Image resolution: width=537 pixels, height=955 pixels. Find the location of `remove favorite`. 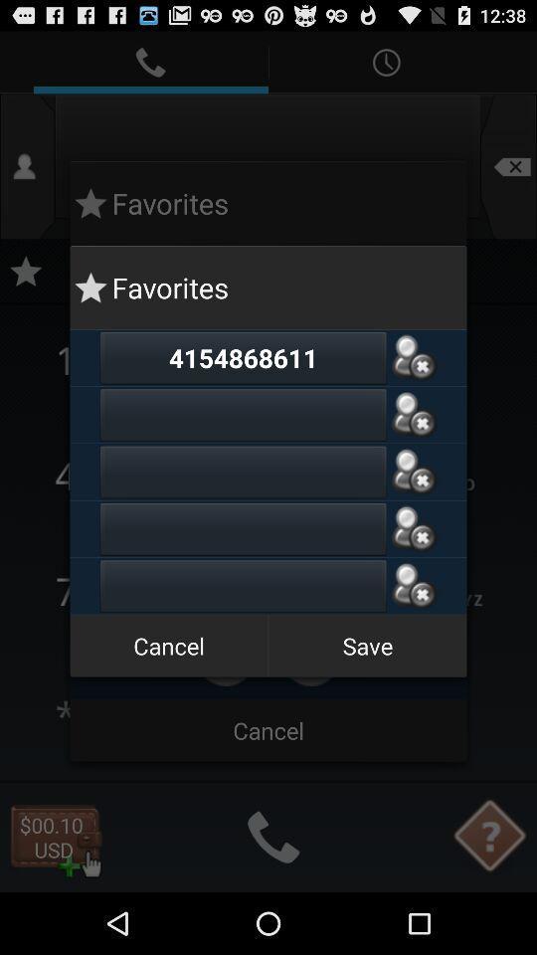

remove favorite is located at coordinates (413, 527).